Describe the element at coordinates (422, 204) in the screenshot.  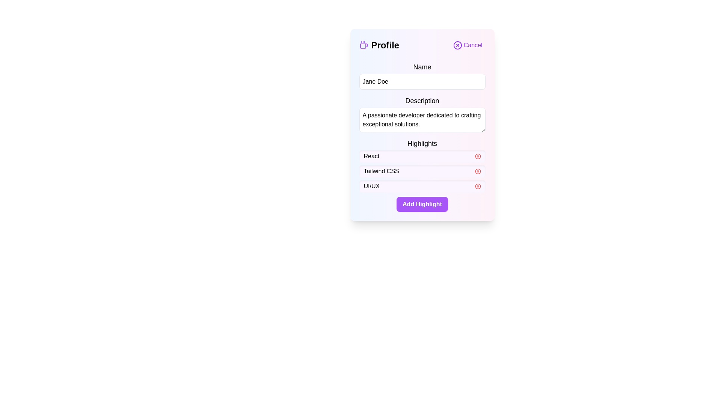
I see `the 'Add Highlight' button located at the lower part of the 'Highlights' section` at that location.